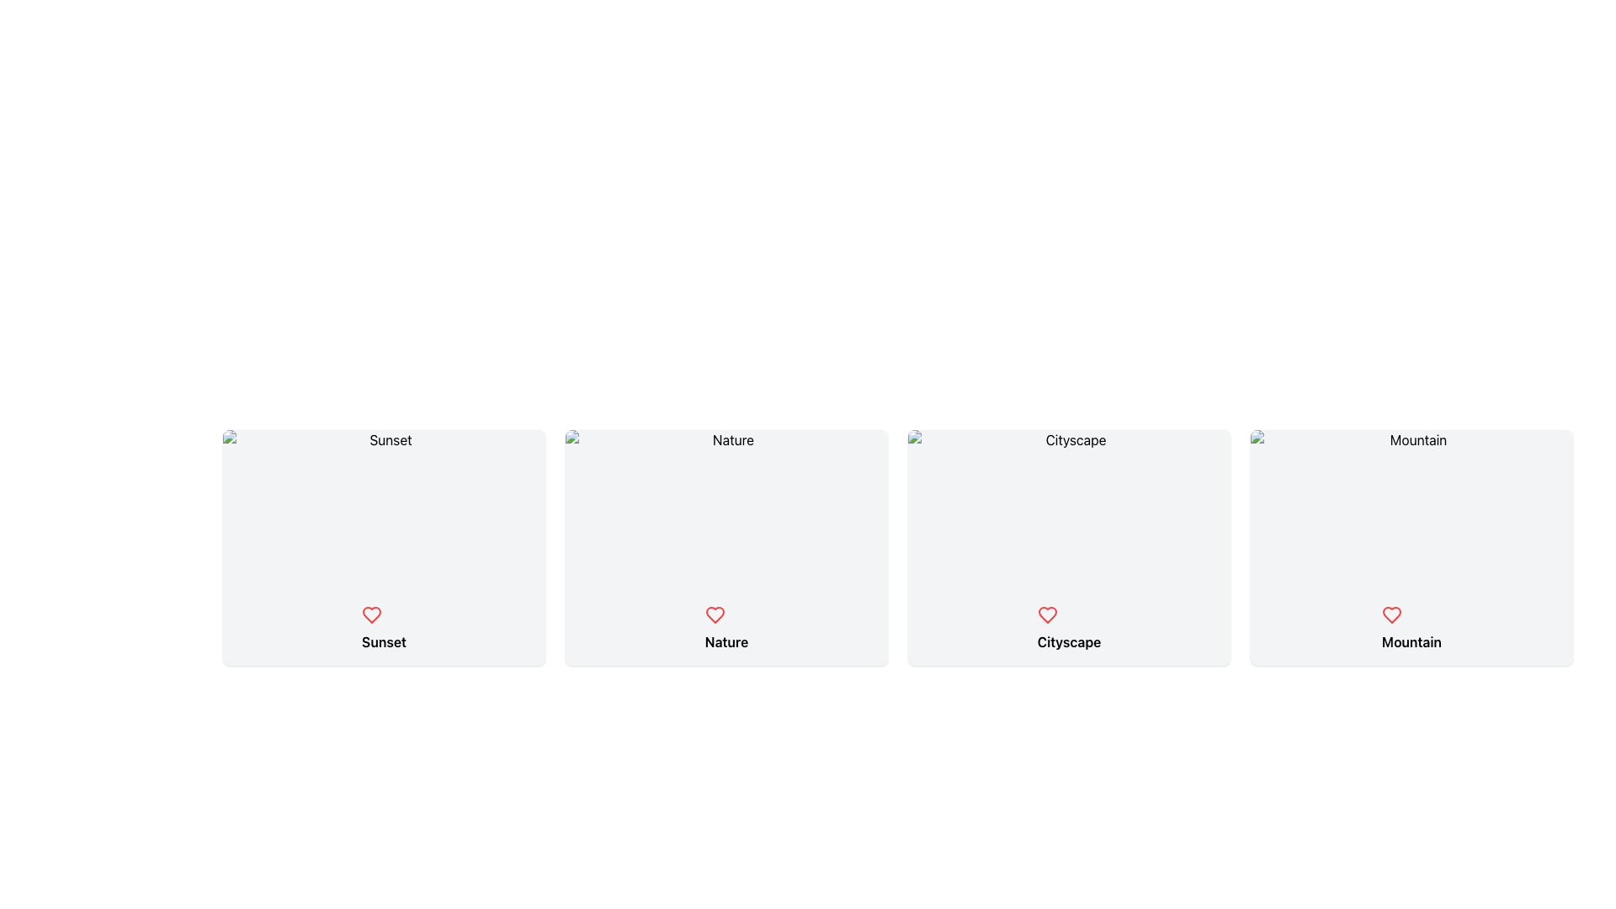  I want to click on the favorite icon button for the 'Cityscape' to trigger the tooltip or animation, so click(1046, 615).